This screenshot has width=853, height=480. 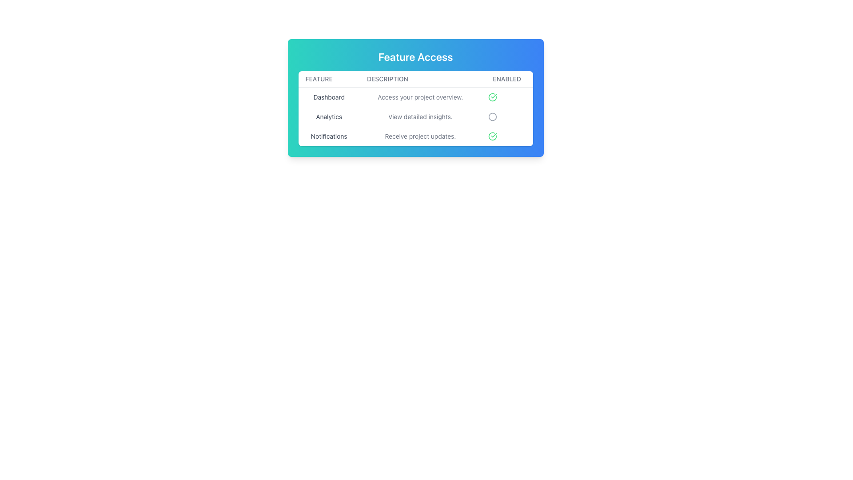 I want to click on the header label 'Feature' which is the first item in a row of three labels at the top of the table, clarifying that the subsequent rows in this column will pertain to features, so click(x=328, y=79).